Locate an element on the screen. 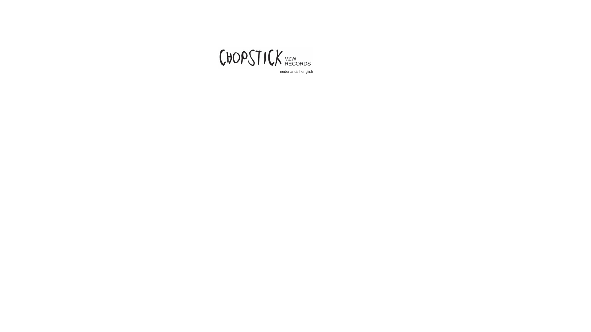 The height and width of the screenshot is (332, 591). 'english' is located at coordinates (307, 71).